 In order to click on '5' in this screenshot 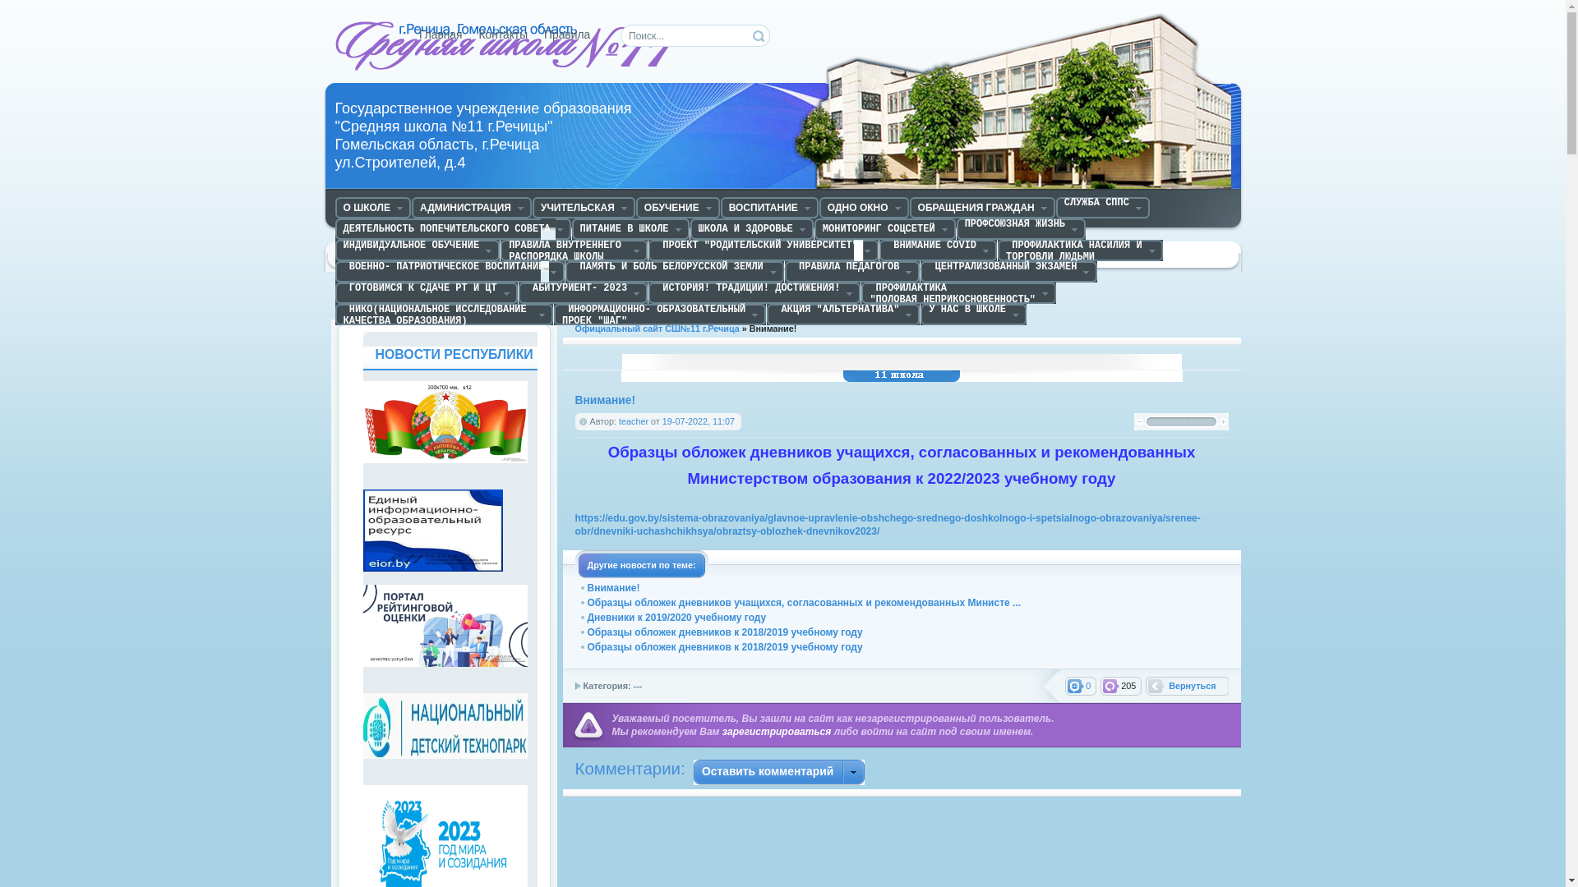, I will do `click(1208, 421)`.